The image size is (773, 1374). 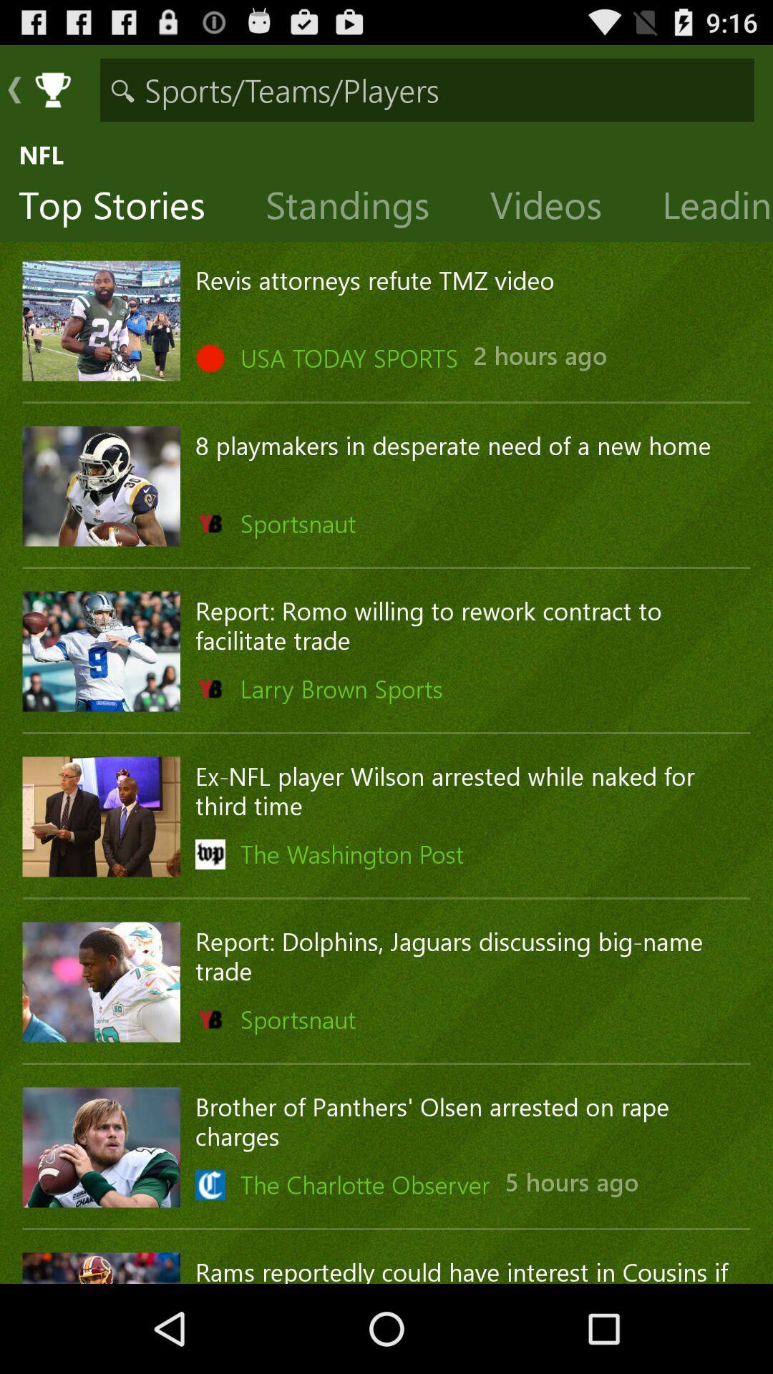 What do you see at coordinates (358, 208) in the screenshot?
I see `icon next to the videos item` at bounding box center [358, 208].